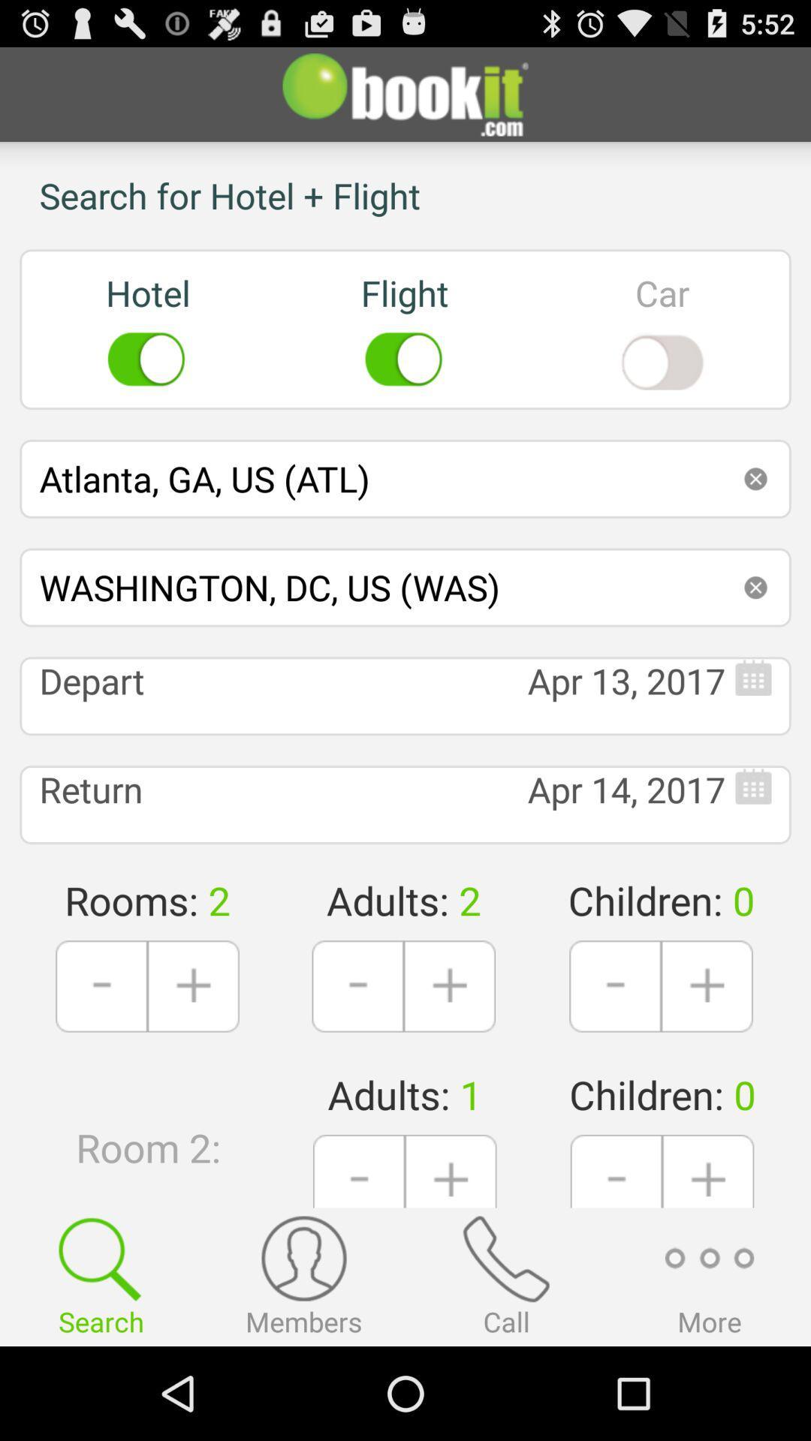 This screenshot has width=811, height=1441. I want to click on the add icon, so click(708, 1253).